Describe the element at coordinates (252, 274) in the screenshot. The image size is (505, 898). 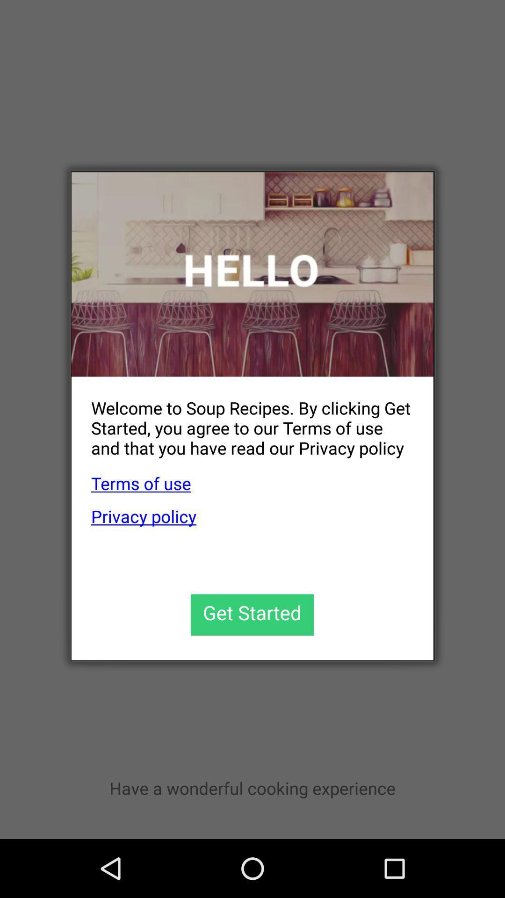
I see `item above the welcome to soup` at that location.